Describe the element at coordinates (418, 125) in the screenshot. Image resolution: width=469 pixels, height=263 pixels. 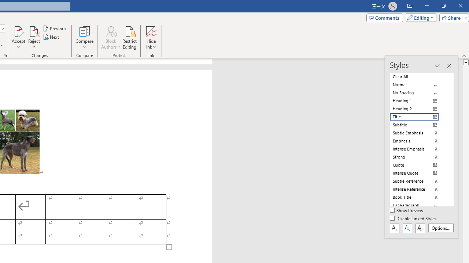
I see `'Subtitle'` at that location.